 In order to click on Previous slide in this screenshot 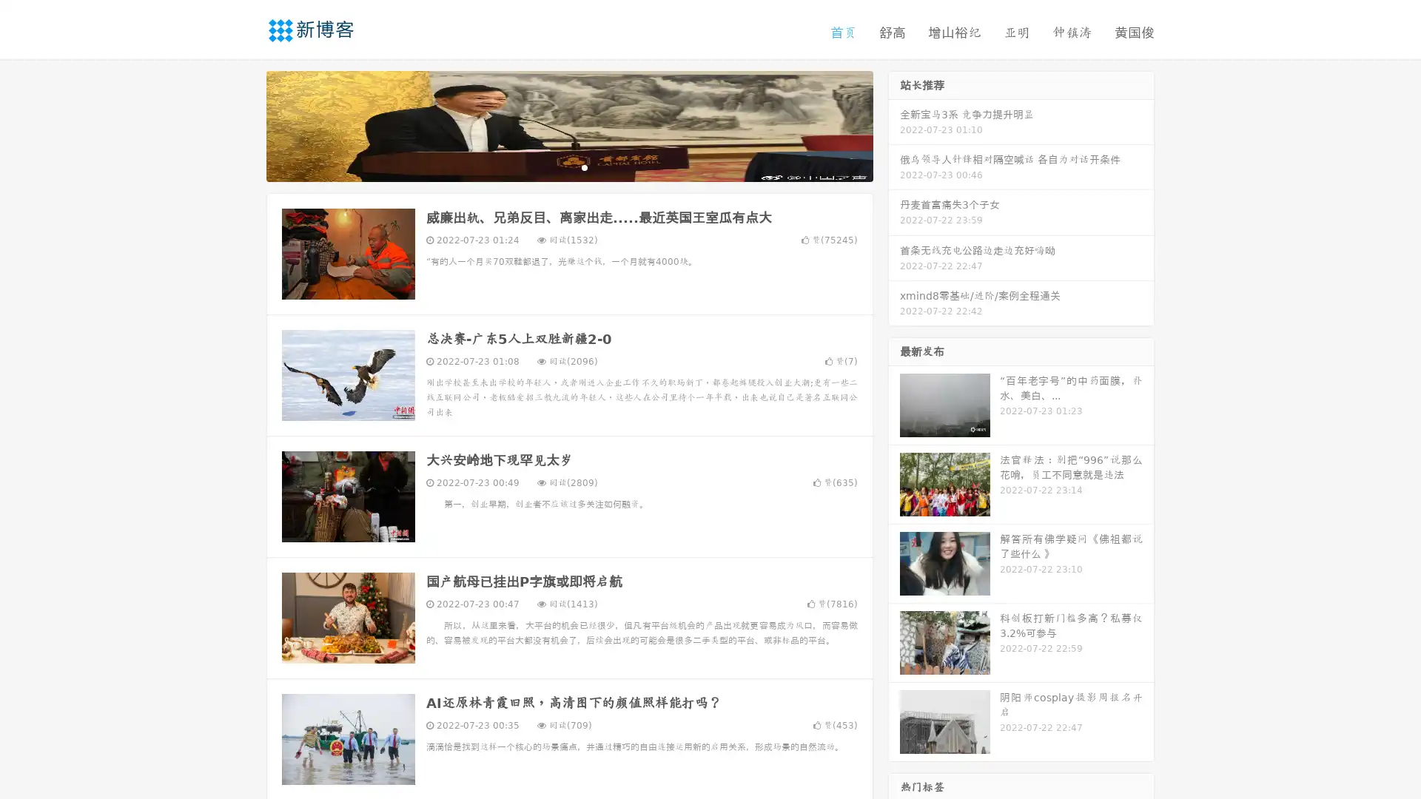, I will do `click(244, 124)`.